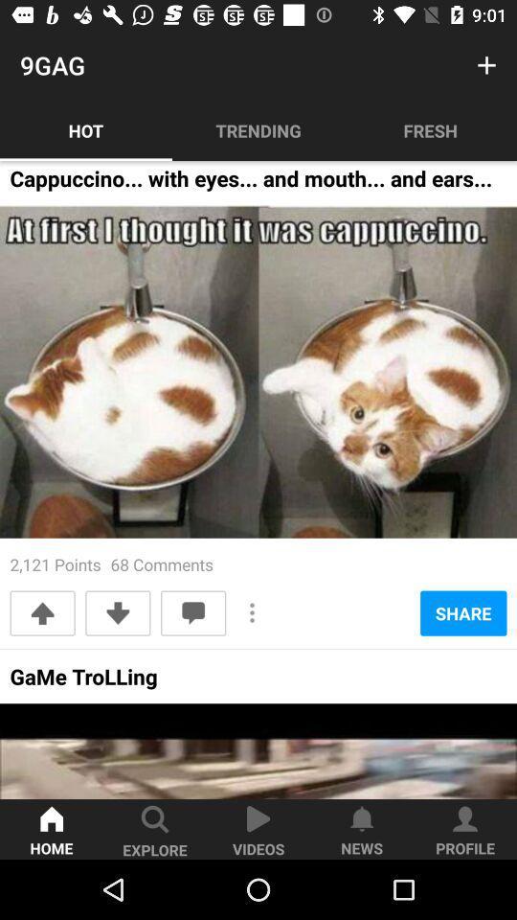 This screenshot has height=920, width=517. I want to click on one line text below the tab hot at top, so click(251, 184).